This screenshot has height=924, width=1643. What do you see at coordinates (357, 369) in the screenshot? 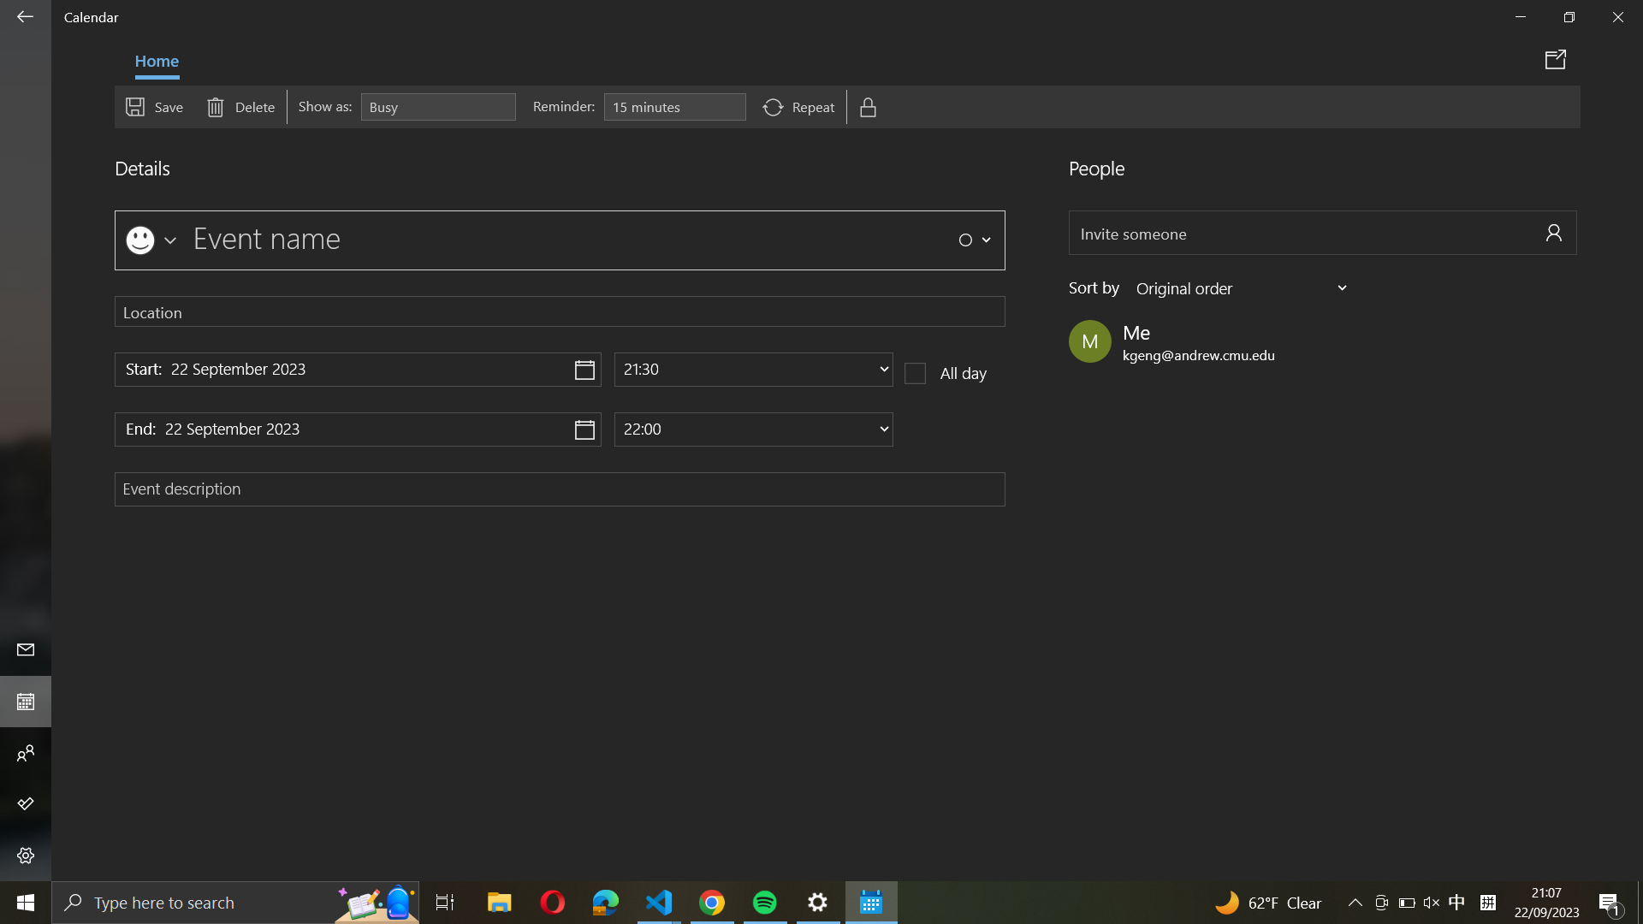
I see `Schedule the event for "22 November 2024` at bounding box center [357, 369].